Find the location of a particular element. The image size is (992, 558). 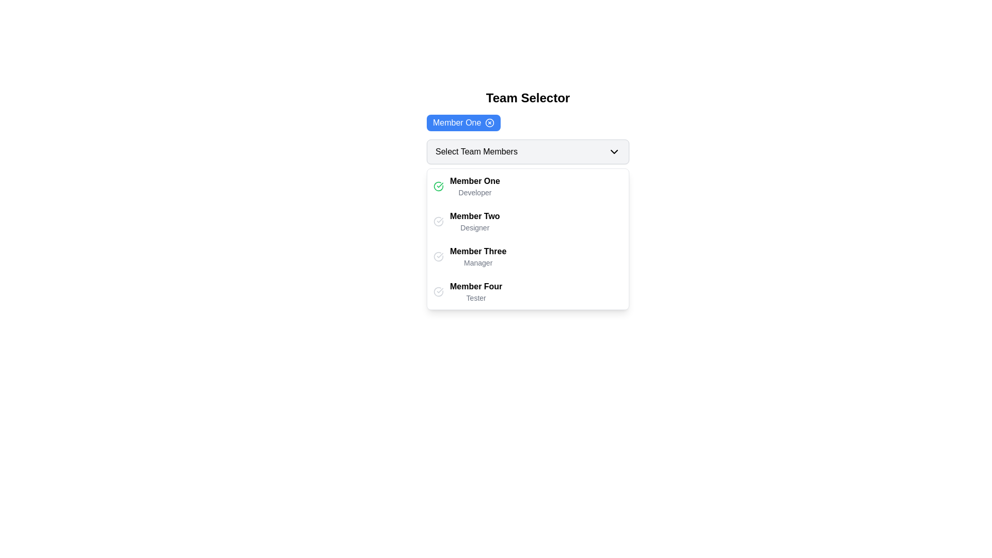

the 'Member Three' option in the dropdown list under 'Select Team Members' in the 'Team Selector' interface is located at coordinates (477, 256).